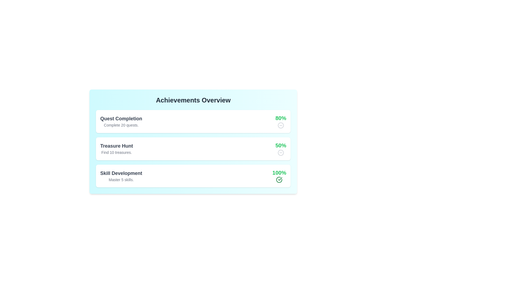 The width and height of the screenshot is (519, 292). I want to click on the Progress Card element that indicates 100% completion of the 'Skill Development' task, located in the 'Achievements Overview' section, so click(193, 176).